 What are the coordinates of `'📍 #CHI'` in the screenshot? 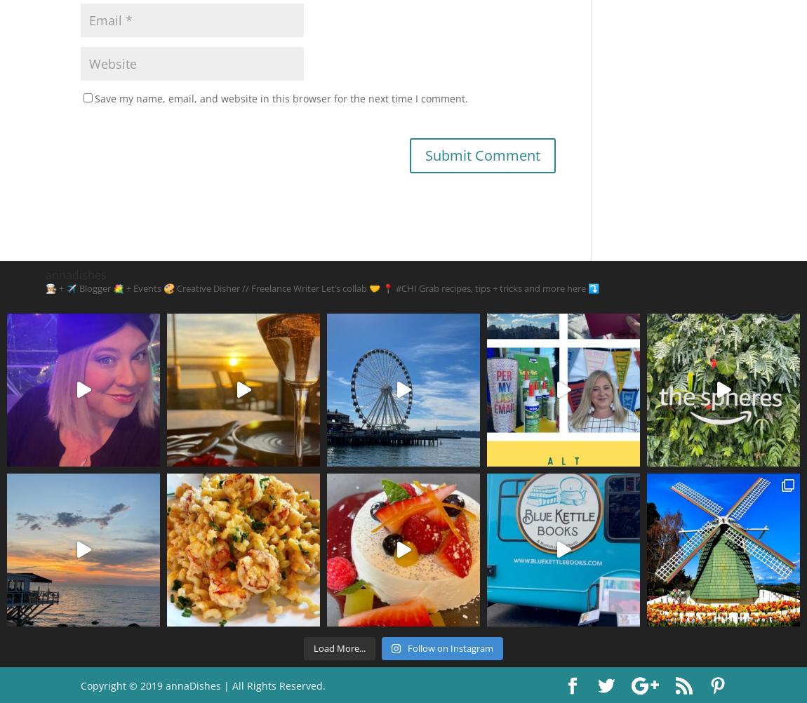 It's located at (382, 288).